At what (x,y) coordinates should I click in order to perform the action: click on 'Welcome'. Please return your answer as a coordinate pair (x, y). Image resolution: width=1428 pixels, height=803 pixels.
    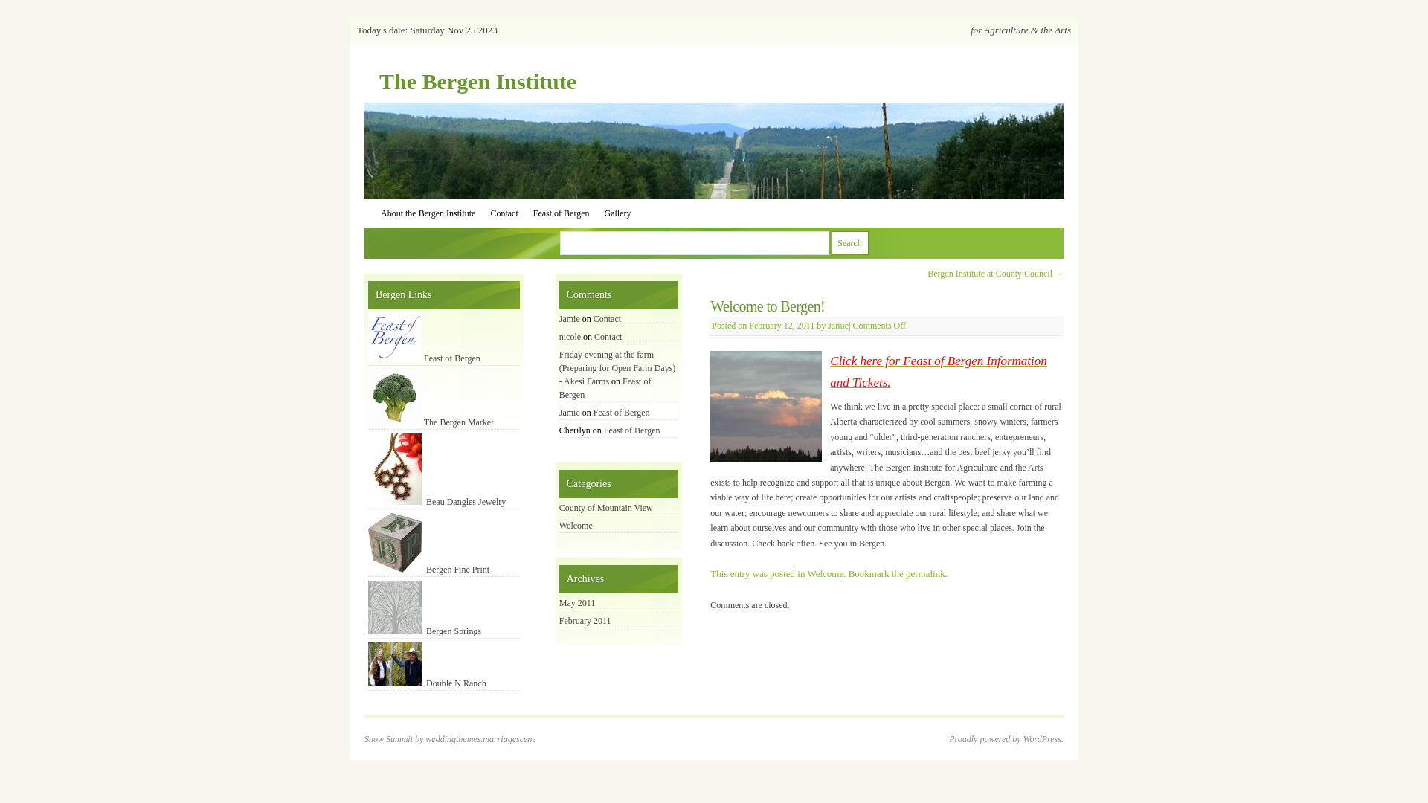
    Looking at the image, I should click on (824, 573).